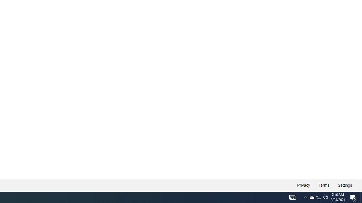  I want to click on 'Privacy', so click(303, 185).